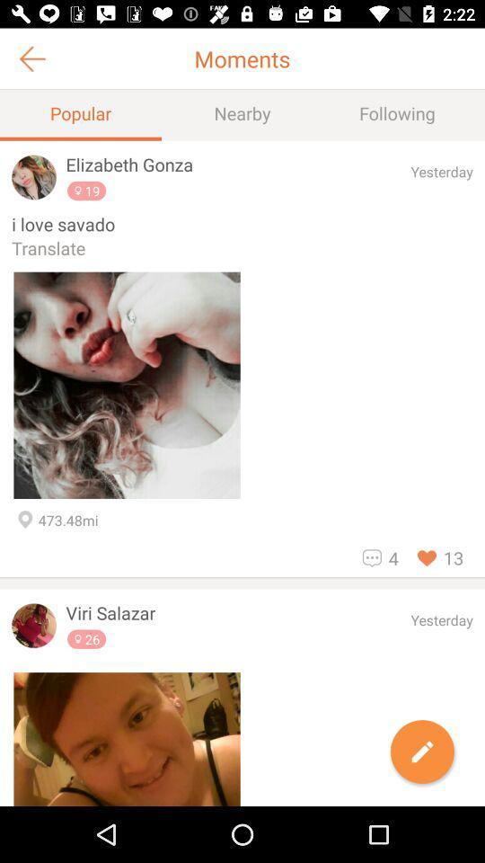 This screenshot has height=863, width=485. I want to click on profile, so click(34, 626).